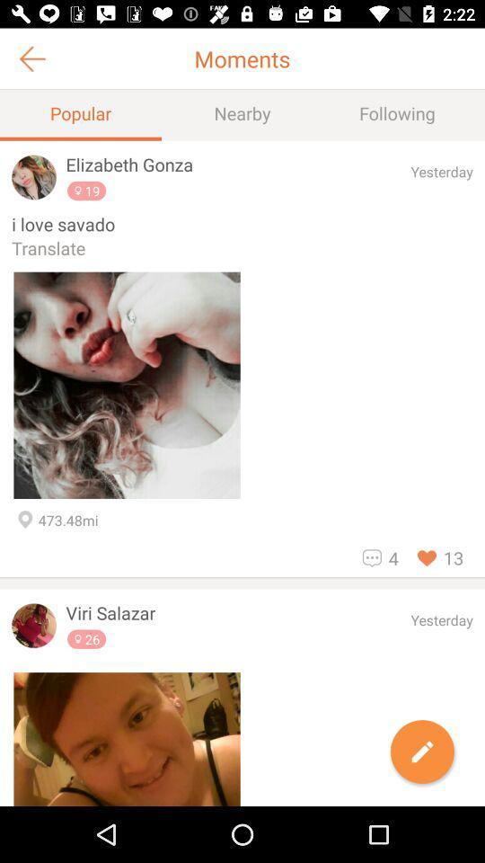 This screenshot has height=863, width=485. I want to click on profile, so click(34, 626).